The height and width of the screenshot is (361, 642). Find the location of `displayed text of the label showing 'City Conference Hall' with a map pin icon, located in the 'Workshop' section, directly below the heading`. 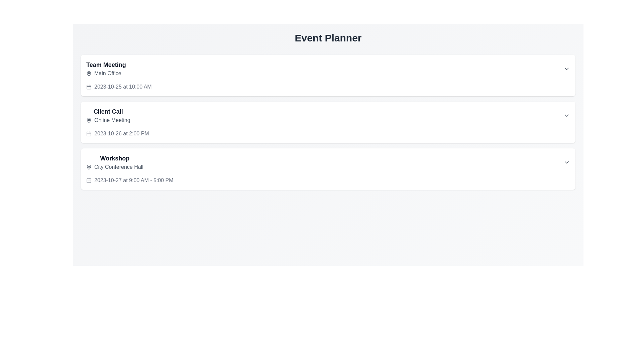

displayed text of the label showing 'City Conference Hall' with a map pin icon, located in the 'Workshop' section, directly below the heading is located at coordinates (115, 167).